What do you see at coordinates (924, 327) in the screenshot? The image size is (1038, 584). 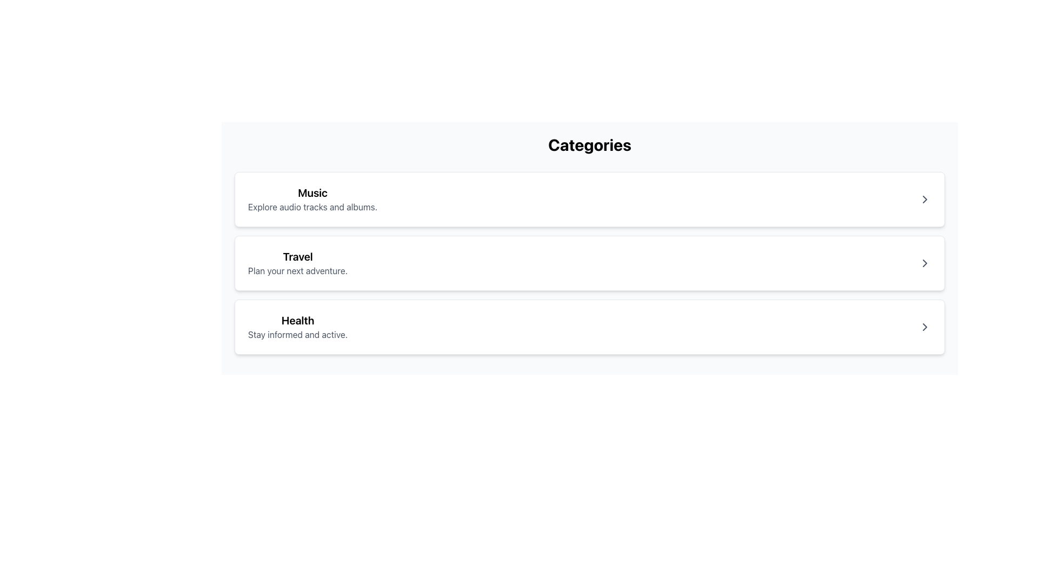 I see `the icon located at the far-right end of the 'Health' card in the 'Categories' section` at bounding box center [924, 327].